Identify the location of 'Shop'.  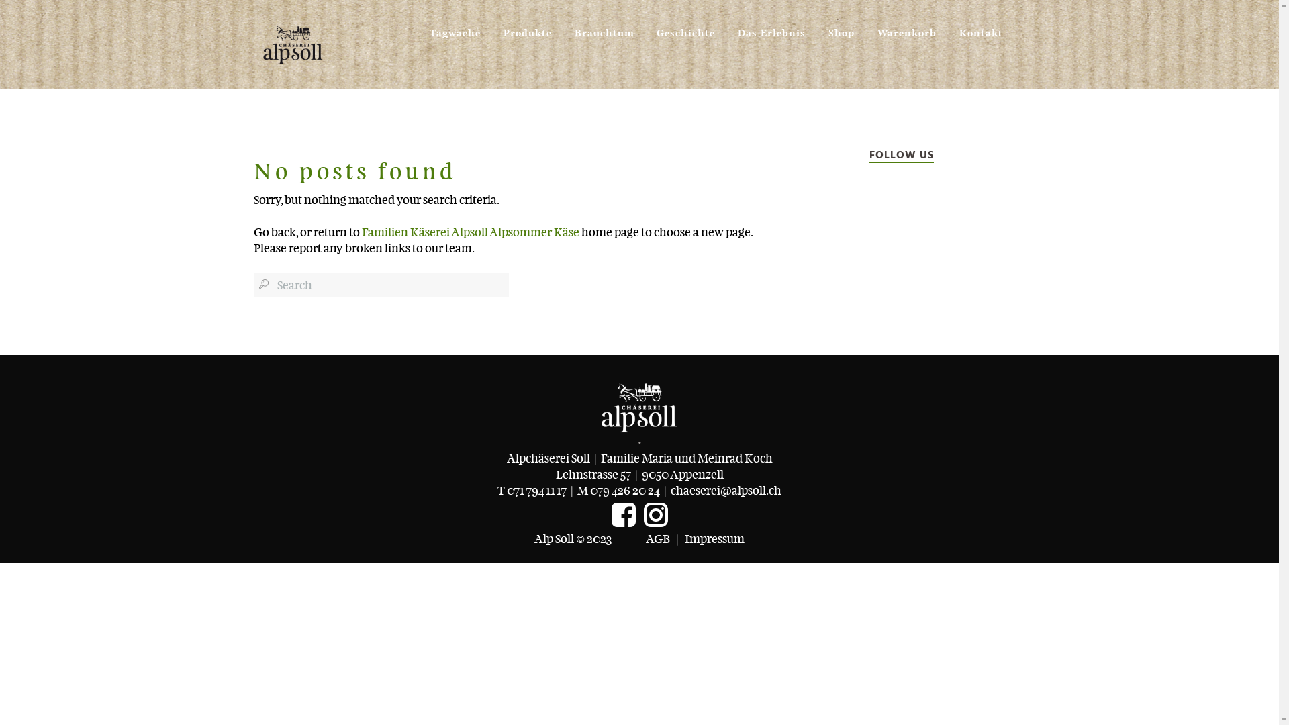
(841, 27).